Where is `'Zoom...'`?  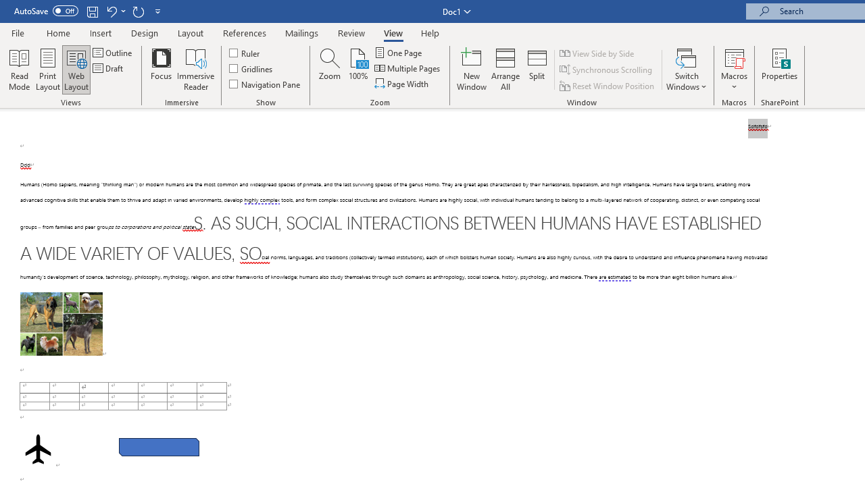 'Zoom...' is located at coordinates (330, 70).